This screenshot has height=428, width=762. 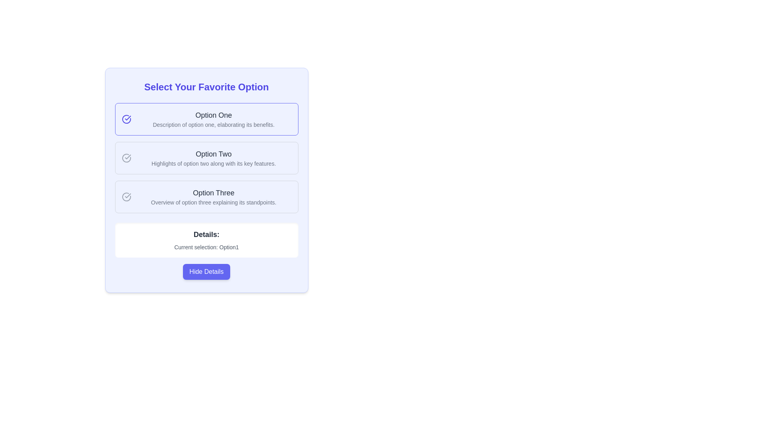 I want to click on the static text display that shows 'Current selection: Option1' styled with small gray text, positioned below the 'Details:' heading, so click(x=206, y=247).